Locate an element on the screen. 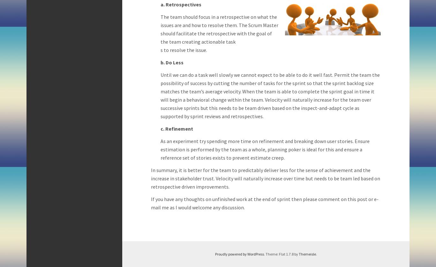 This screenshot has height=267, width=436. 'The team should focus in a retrospective on what the issues are and how to resolve them. The Scrum Master should facilitate the retrospective with the goal of the team creating actionable task' is located at coordinates (219, 29).